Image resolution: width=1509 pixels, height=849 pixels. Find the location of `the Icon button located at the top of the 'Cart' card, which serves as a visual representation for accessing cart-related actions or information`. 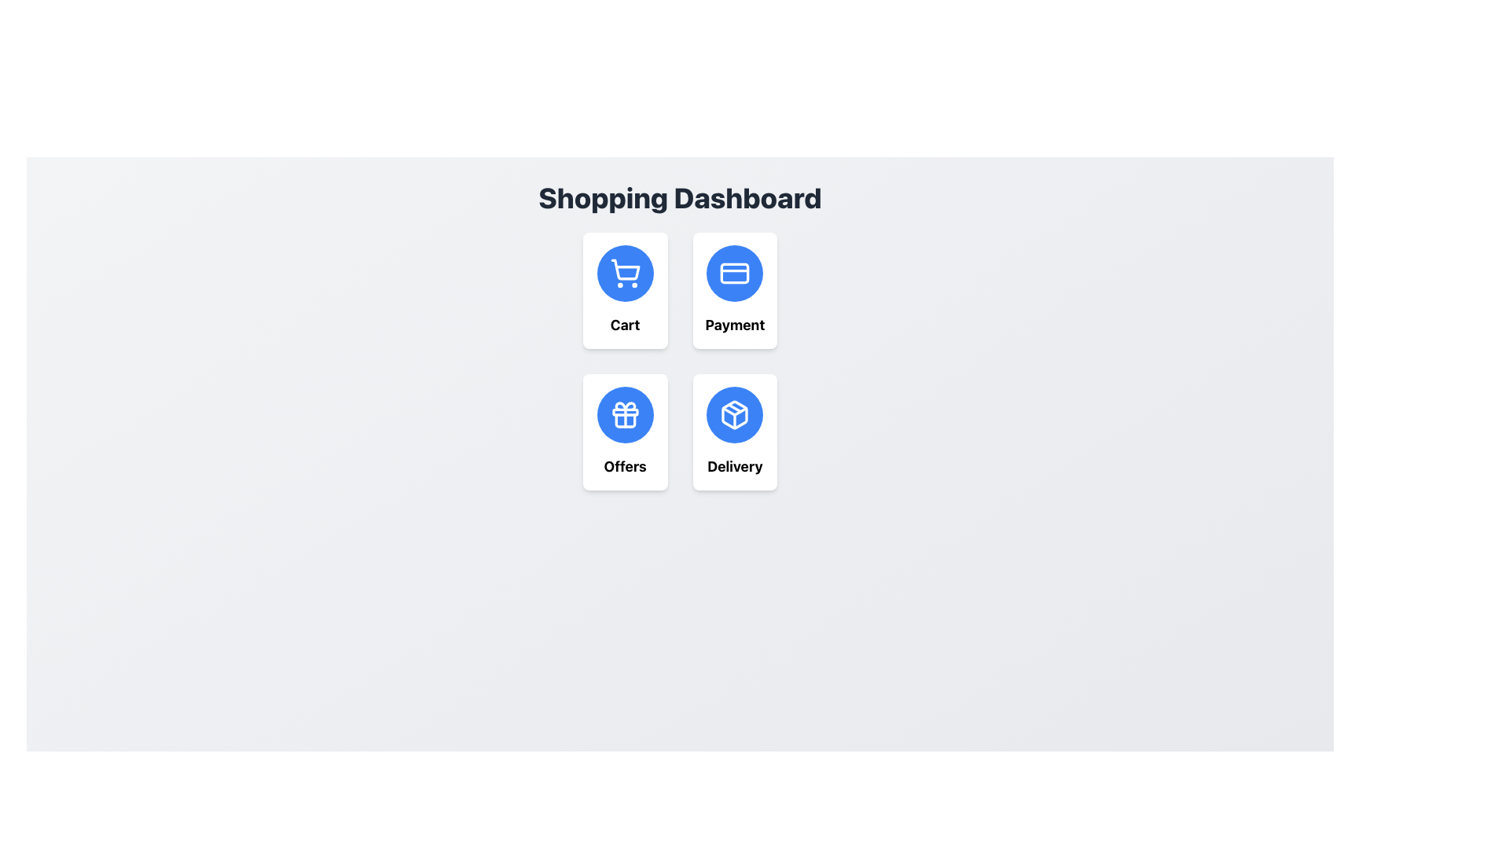

the Icon button located at the top of the 'Cart' card, which serves as a visual representation for accessing cart-related actions or information is located at coordinates (624, 272).